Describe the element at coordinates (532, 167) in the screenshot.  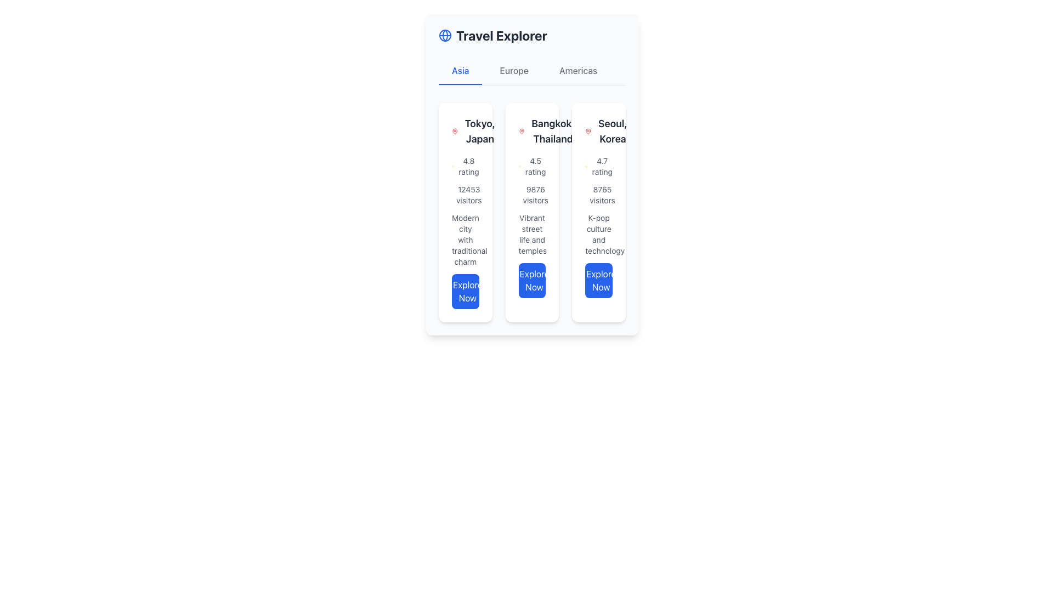
I see `the rating text and icon display in the middle card of the three-card layout for Bangkok, Thailand` at that location.